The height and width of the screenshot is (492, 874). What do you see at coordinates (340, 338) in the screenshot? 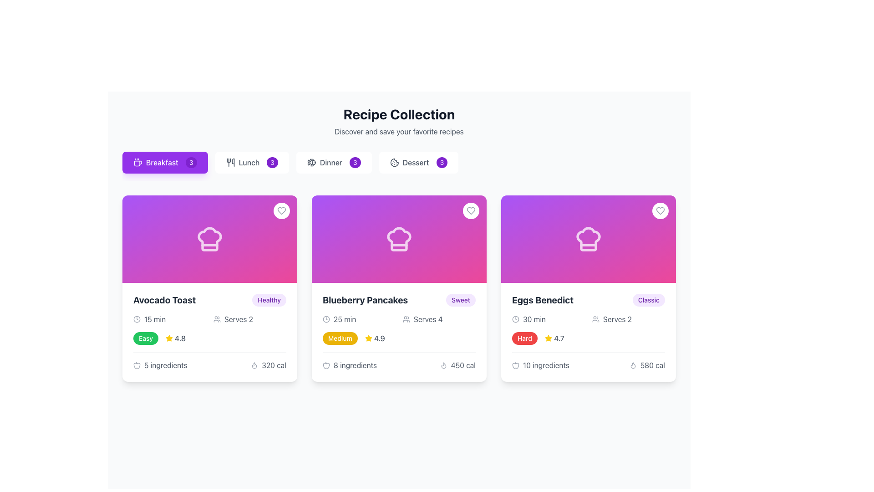
I see `the 'Medium' Label element with a yellow background, located in the second card of the 'Recipe Collection' grid, positioned to the left of a yellow star icon and the text '4.9'` at bounding box center [340, 338].